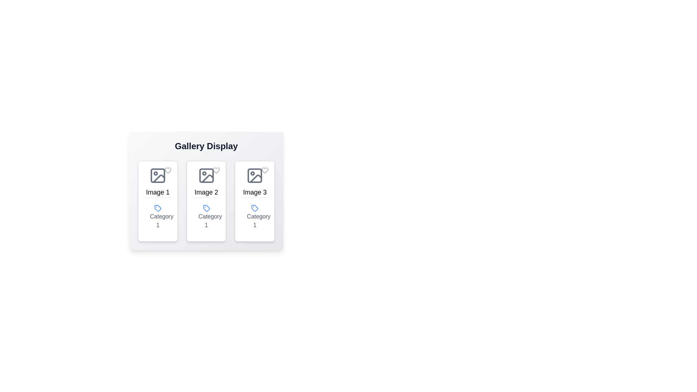 The height and width of the screenshot is (392, 697). I want to click on the heart icon in the top-right corner of the card representing 'Image 3' to change its appearance, so click(264, 171).